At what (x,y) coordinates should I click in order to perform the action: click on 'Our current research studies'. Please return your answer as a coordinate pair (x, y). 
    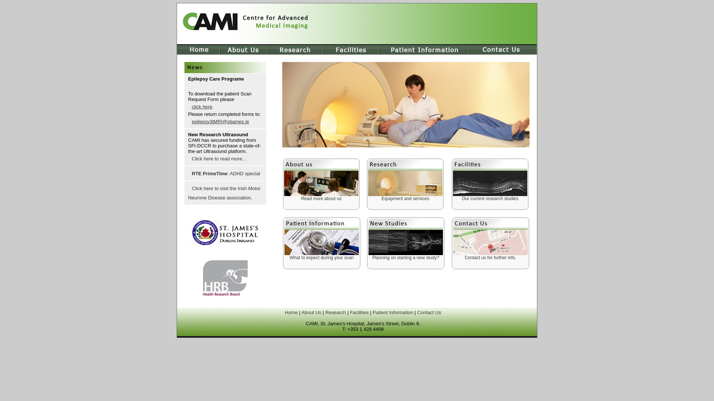
    Looking at the image, I should click on (490, 198).